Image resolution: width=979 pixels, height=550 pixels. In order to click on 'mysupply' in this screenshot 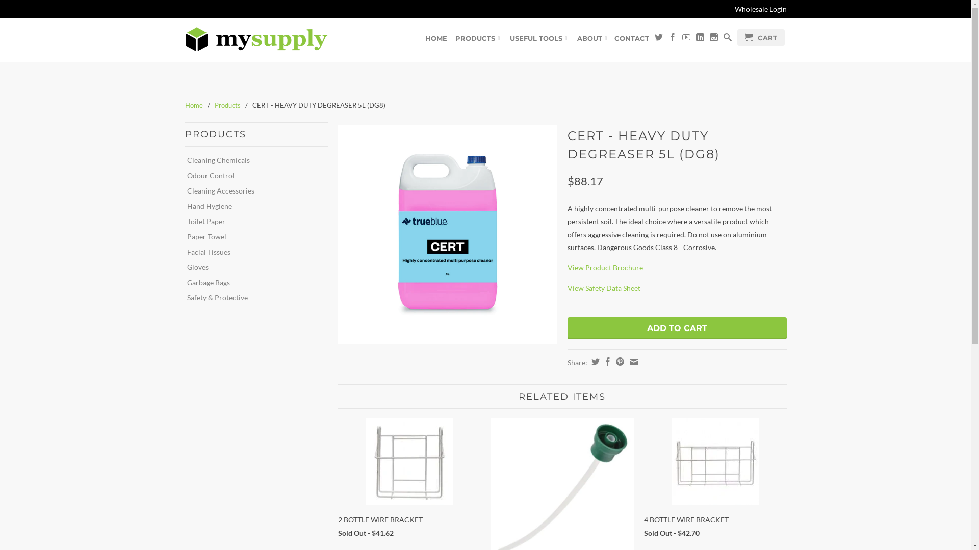, I will do `click(256, 39)`.